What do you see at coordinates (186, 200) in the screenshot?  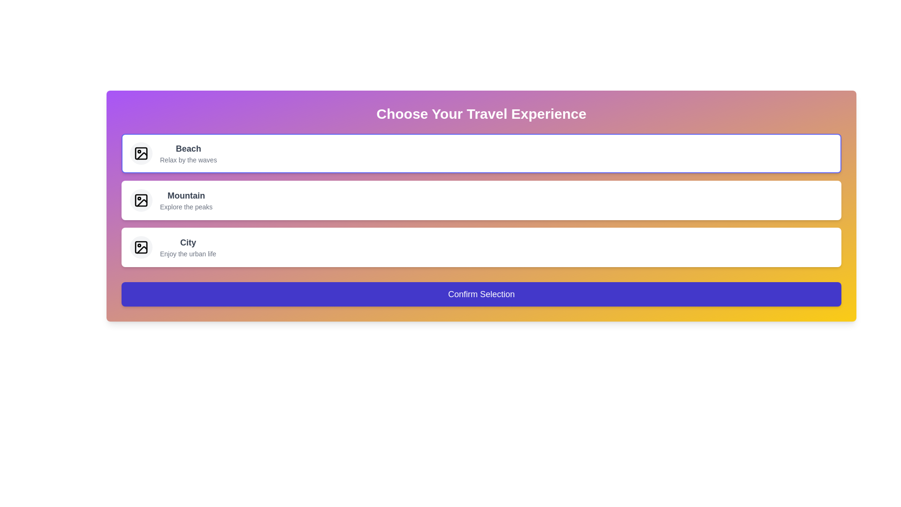 I see `the text label displaying 'Mountain' in dark gray within the second card from the top` at bounding box center [186, 200].